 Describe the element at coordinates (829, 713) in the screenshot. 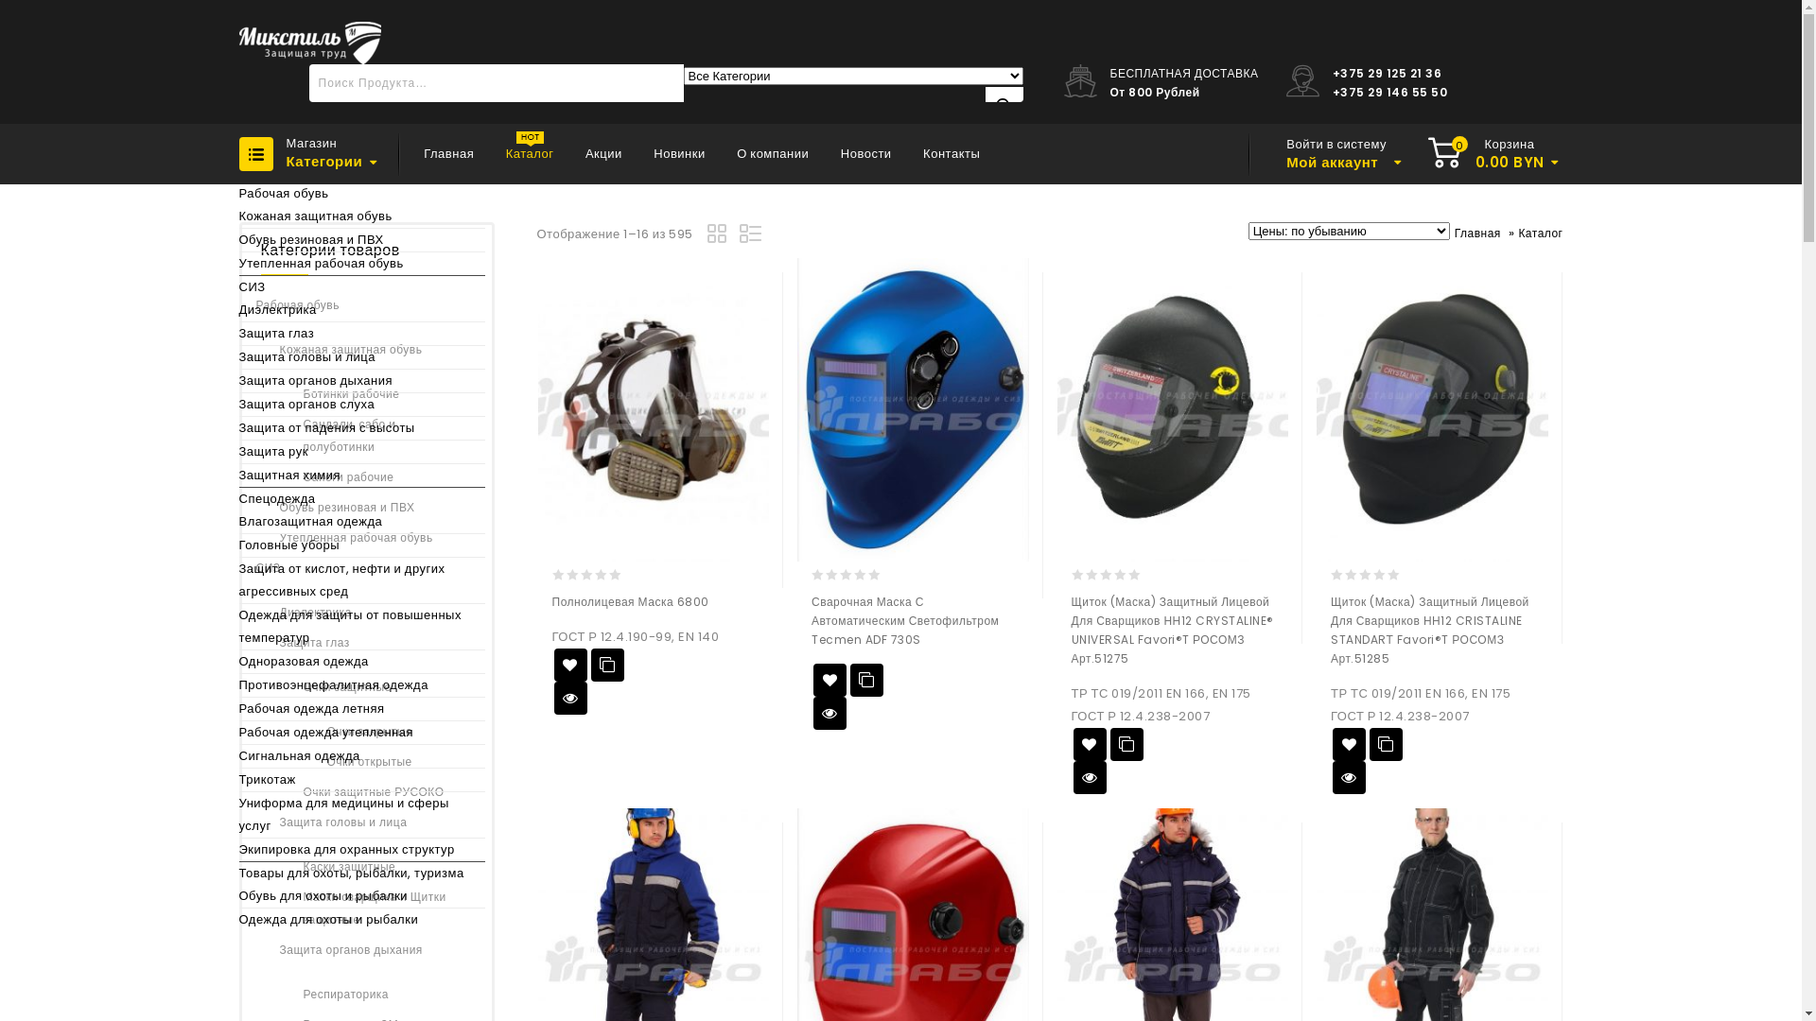

I see `'QUICK VIEW'` at that location.